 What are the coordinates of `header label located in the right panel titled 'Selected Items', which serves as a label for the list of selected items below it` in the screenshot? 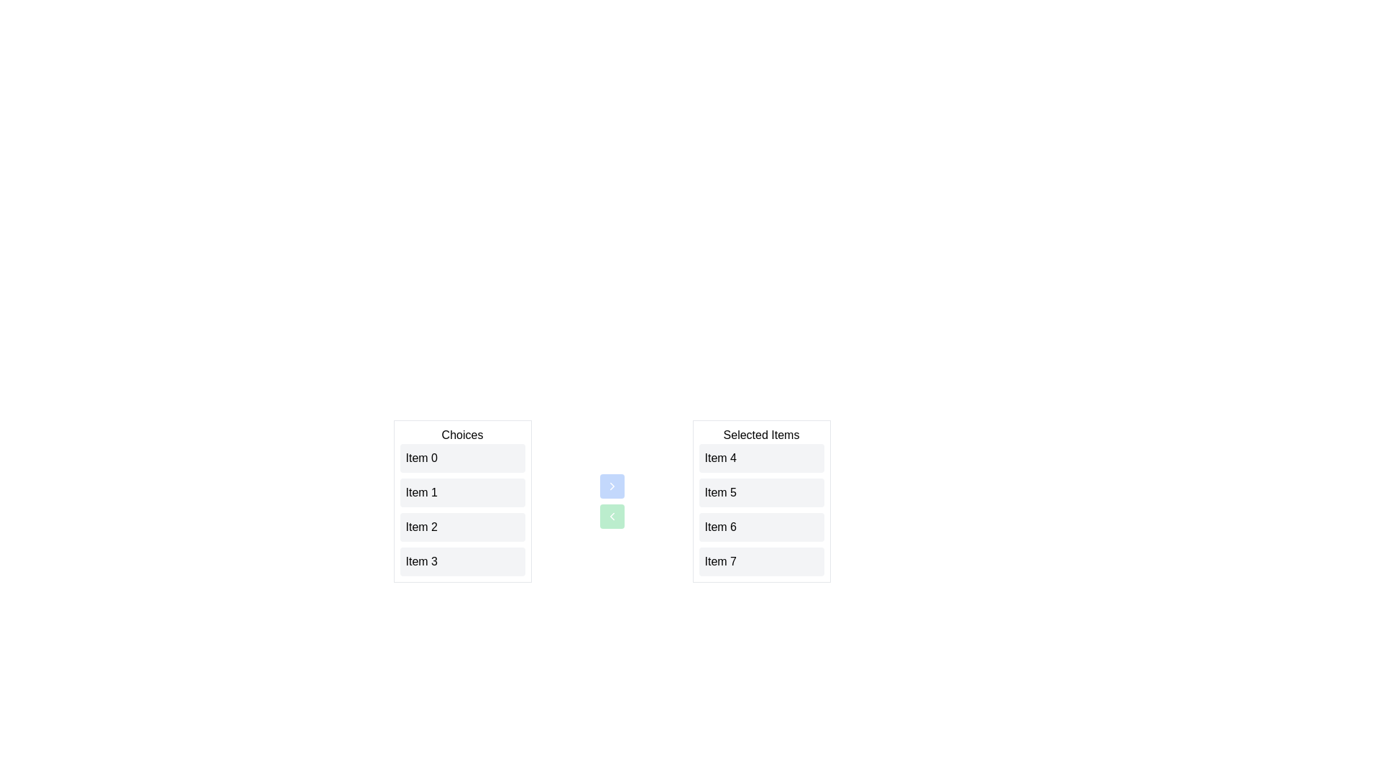 It's located at (760, 434).